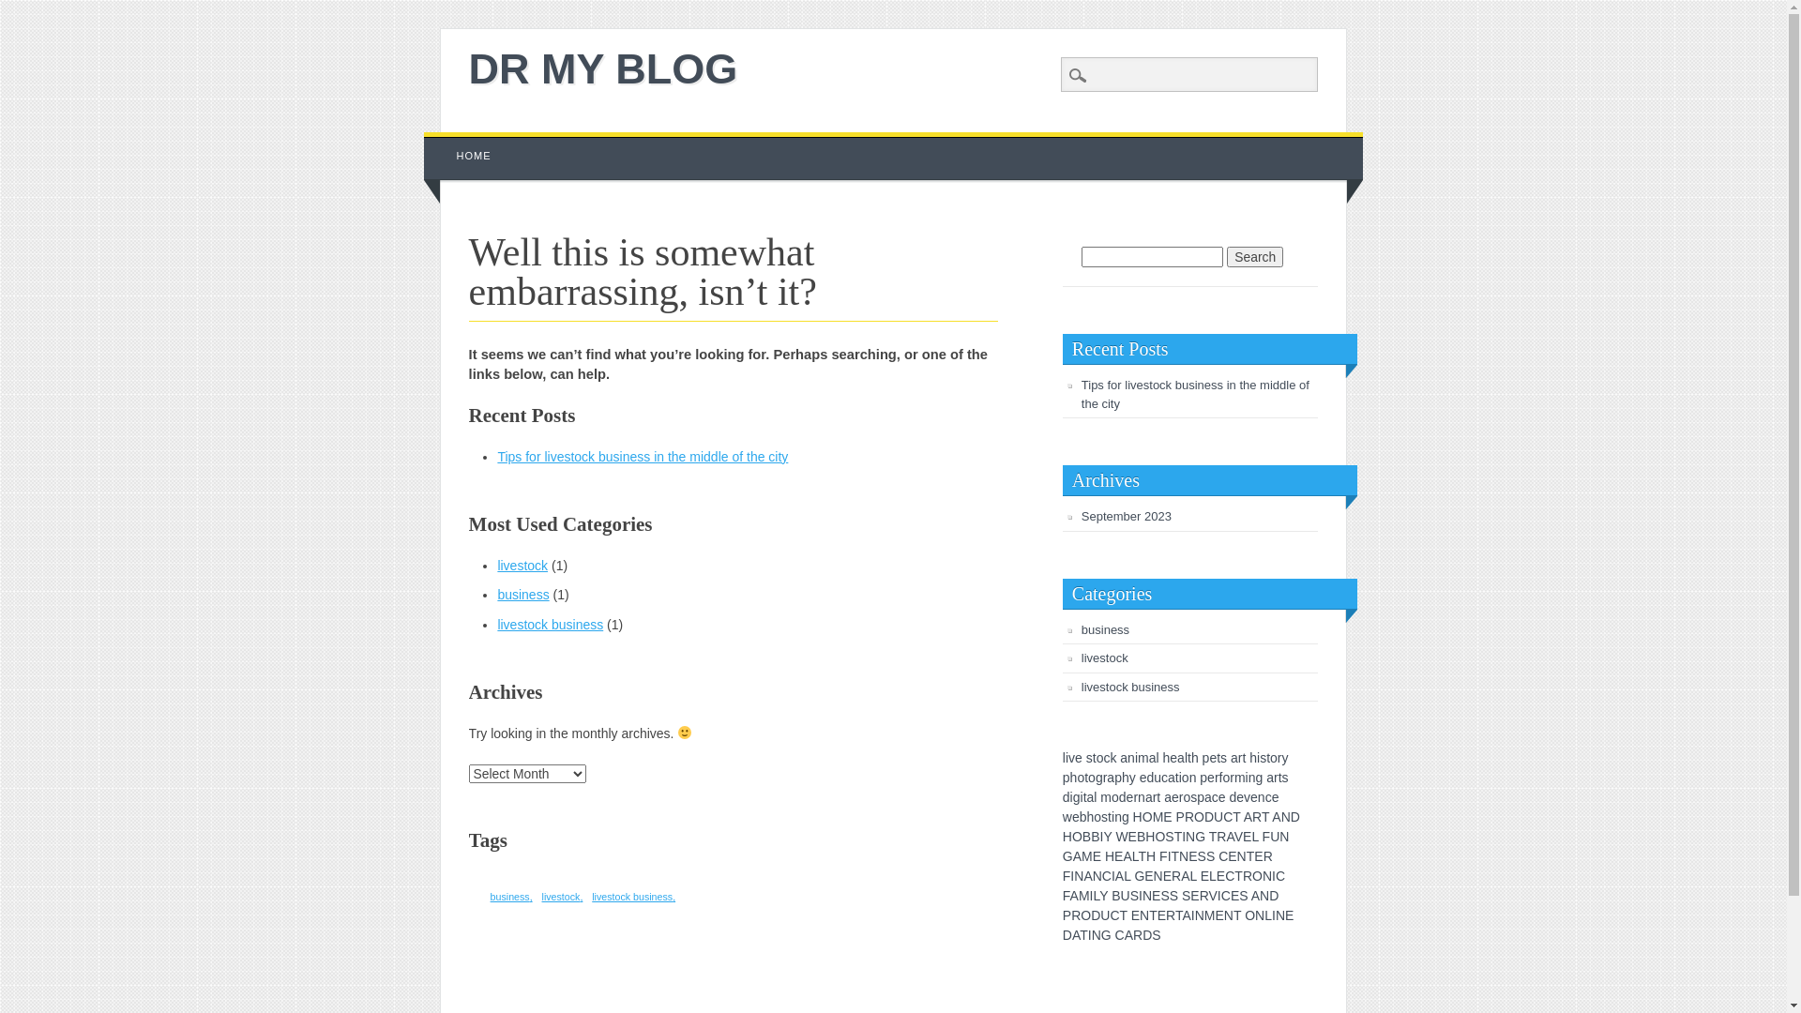  Describe the element at coordinates (1109, 856) in the screenshot. I see `'H'` at that location.